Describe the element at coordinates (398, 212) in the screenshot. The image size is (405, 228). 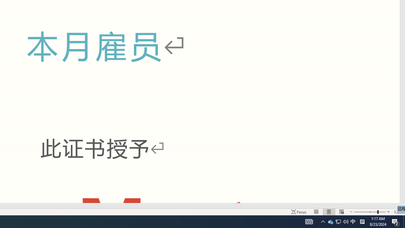
I see `'Zoom 308%'` at that location.